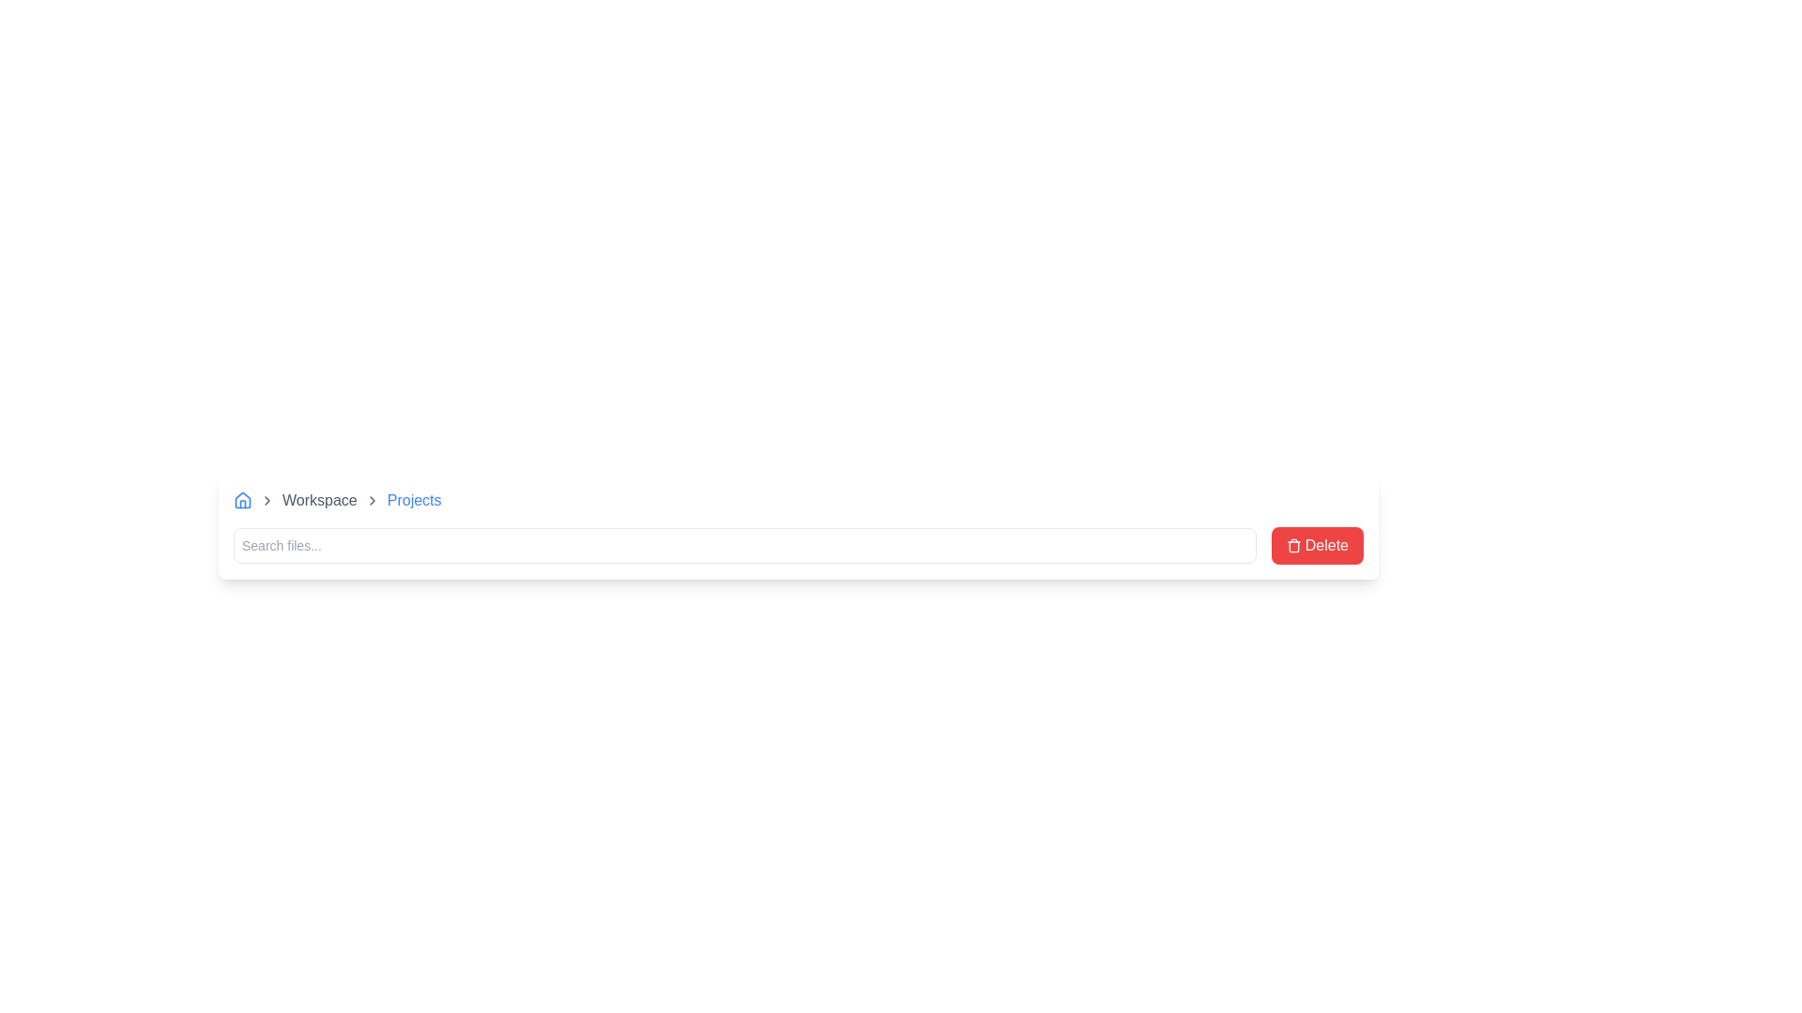 The width and height of the screenshot is (1802, 1013). What do you see at coordinates (798, 499) in the screenshot?
I see `the 'Projects' breadcrumb link in the breadcrumb navigation at the top of the user interface` at bounding box center [798, 499].